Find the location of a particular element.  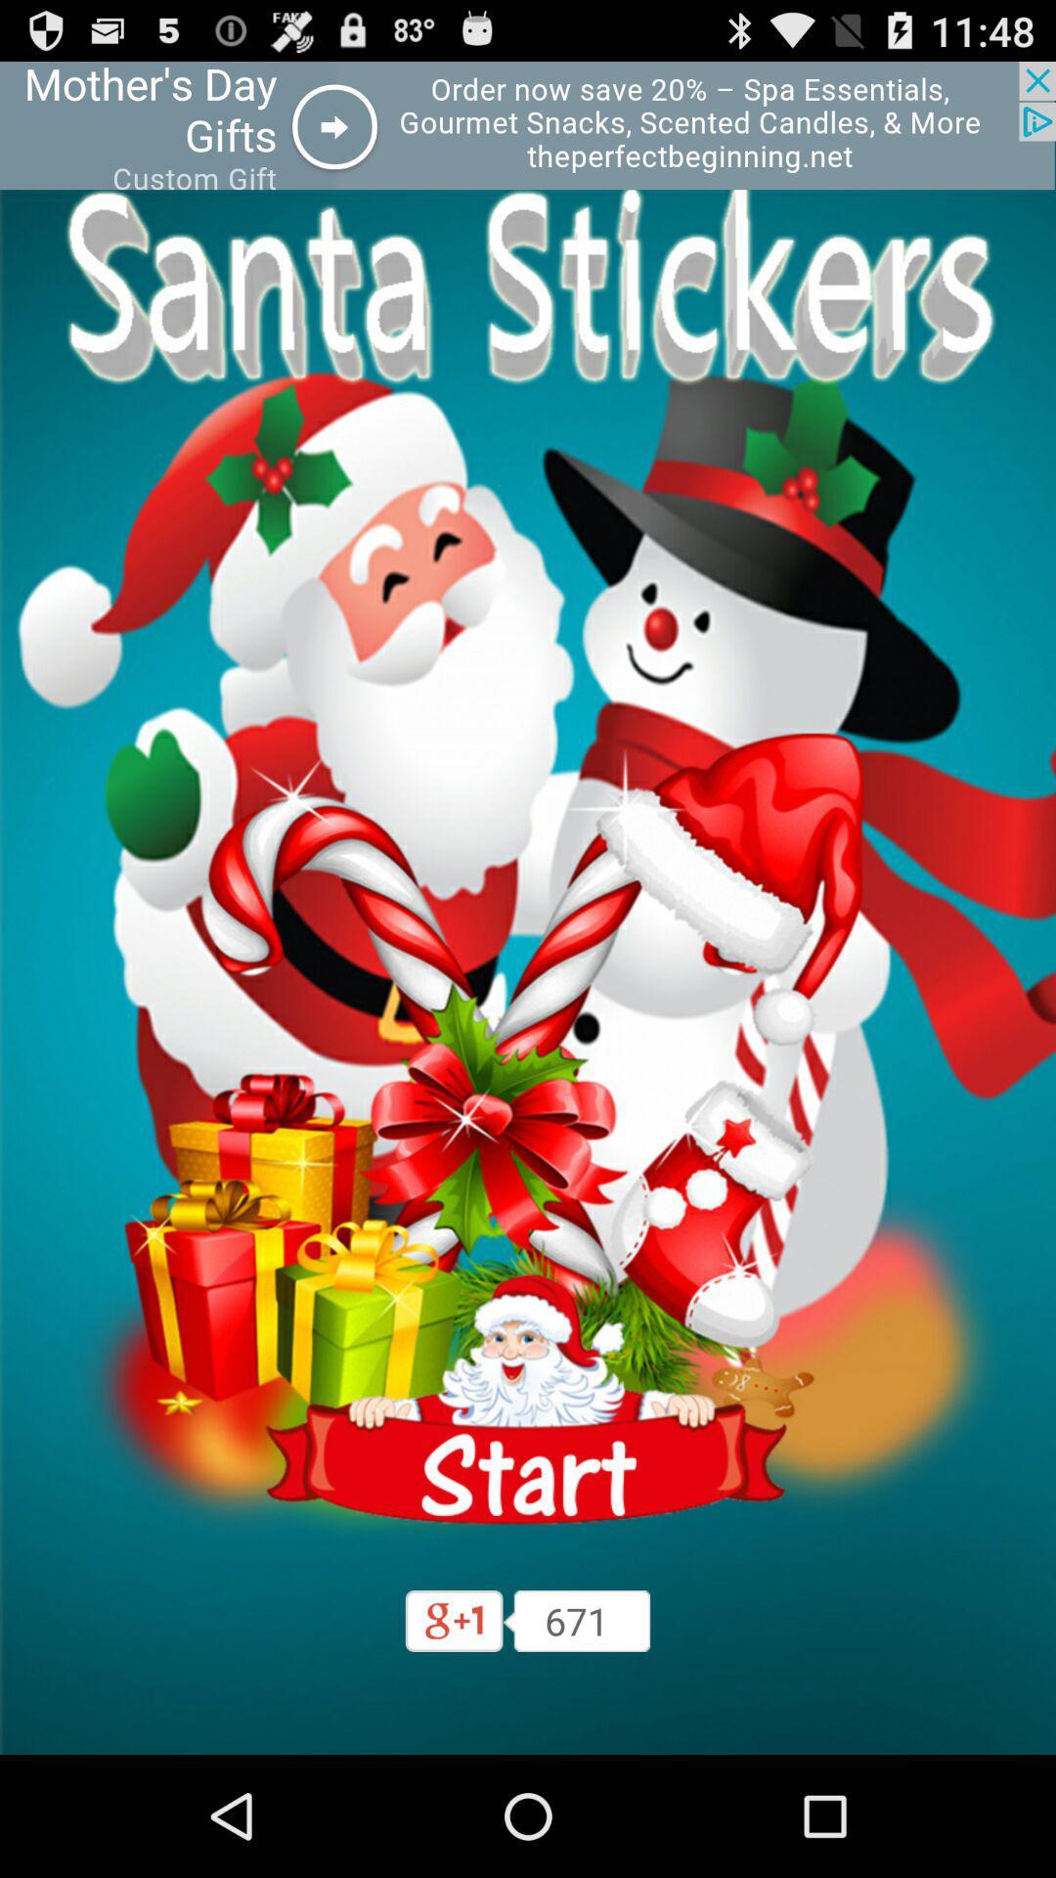

advertisement is located at coordinates (528, 124).